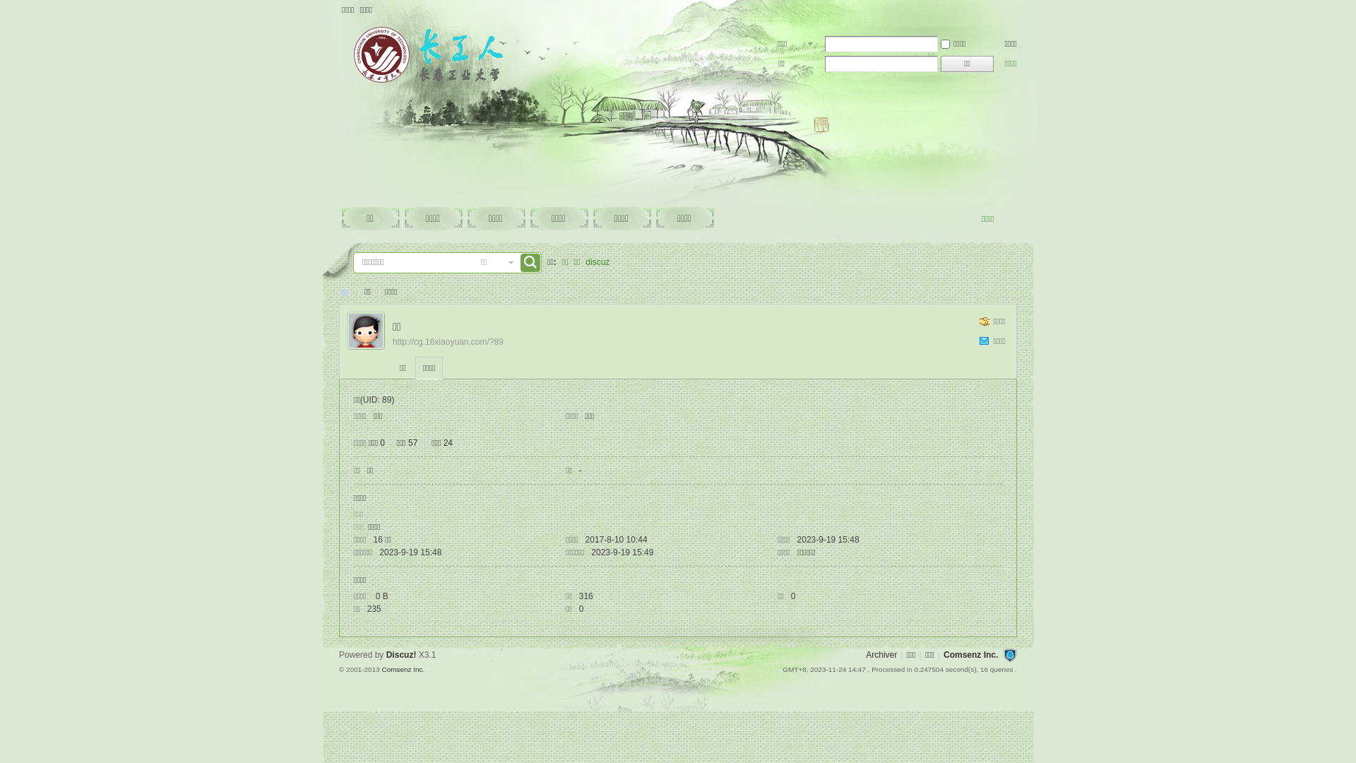  I want to click on 'true', so click(528, 262).